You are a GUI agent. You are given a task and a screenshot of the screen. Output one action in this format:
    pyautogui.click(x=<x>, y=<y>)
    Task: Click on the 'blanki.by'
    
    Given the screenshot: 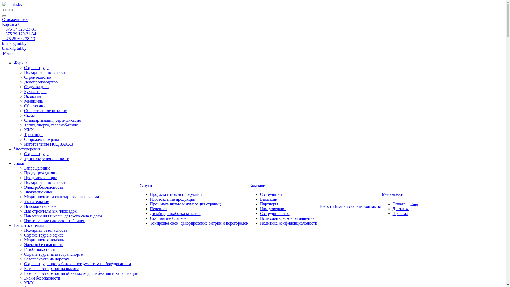 What is the action you would take?
    pyautogui.click(x=12, y=4)
    